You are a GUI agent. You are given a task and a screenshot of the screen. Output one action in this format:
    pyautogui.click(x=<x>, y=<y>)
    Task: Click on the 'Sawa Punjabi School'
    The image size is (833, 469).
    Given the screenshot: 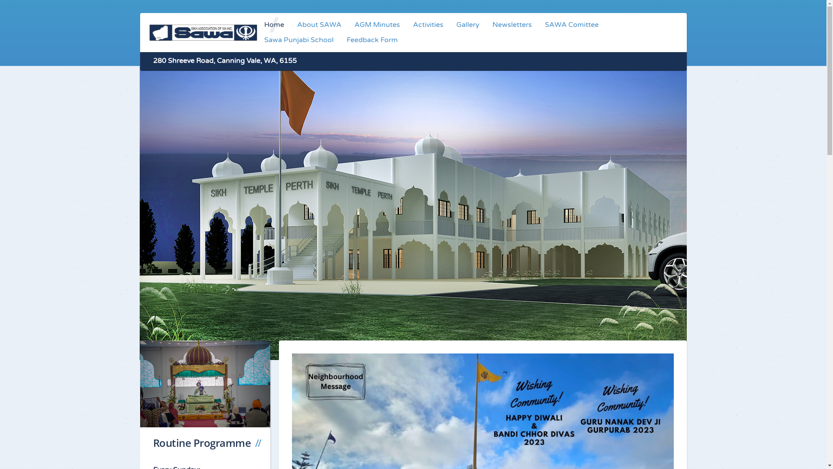 What is the action you would take?
    pyautogui.click(x=299, y=40)
    